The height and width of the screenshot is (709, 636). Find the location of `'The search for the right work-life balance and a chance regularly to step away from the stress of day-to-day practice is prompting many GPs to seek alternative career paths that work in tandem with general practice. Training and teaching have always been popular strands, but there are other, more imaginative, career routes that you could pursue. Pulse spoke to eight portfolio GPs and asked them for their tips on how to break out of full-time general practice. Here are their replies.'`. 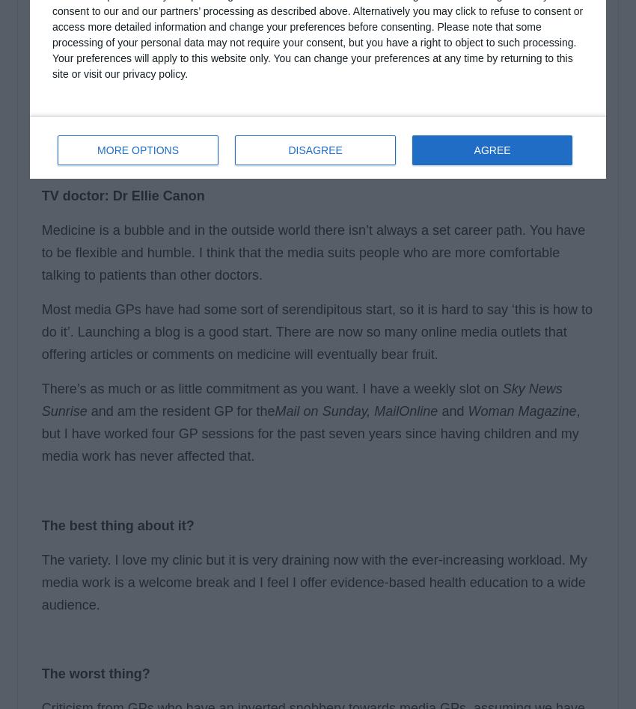

'The search for the right work-life balance and a chance regularly to step away from the stress of day-to-day practice is prompting many GPs to seek alternative career paths that work in tandem with general practice. Training and teaching have always been popular strands, but there are other, more imaginative, career routes that you could pursue. Pulse spoke to eight portfolio GPs and asked them for their tips on how to break out of full-time general practice. Here are their replies.' is located at coordinates (307, 70).